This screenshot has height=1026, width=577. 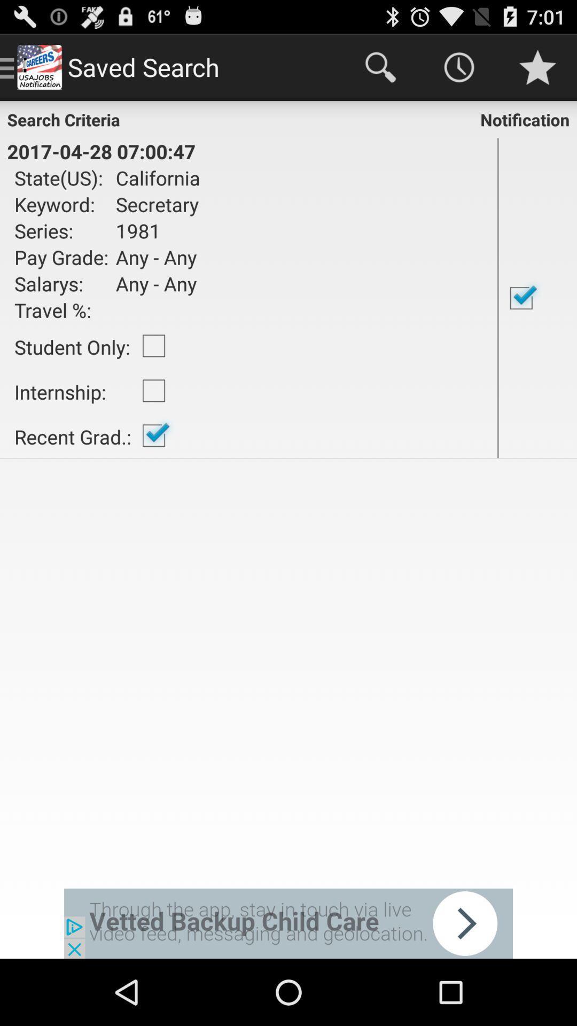 What do you see at coordinates (154, 204) in the screenshot?
I see `item to the right of state(us):` at bounding box center [154, 204].